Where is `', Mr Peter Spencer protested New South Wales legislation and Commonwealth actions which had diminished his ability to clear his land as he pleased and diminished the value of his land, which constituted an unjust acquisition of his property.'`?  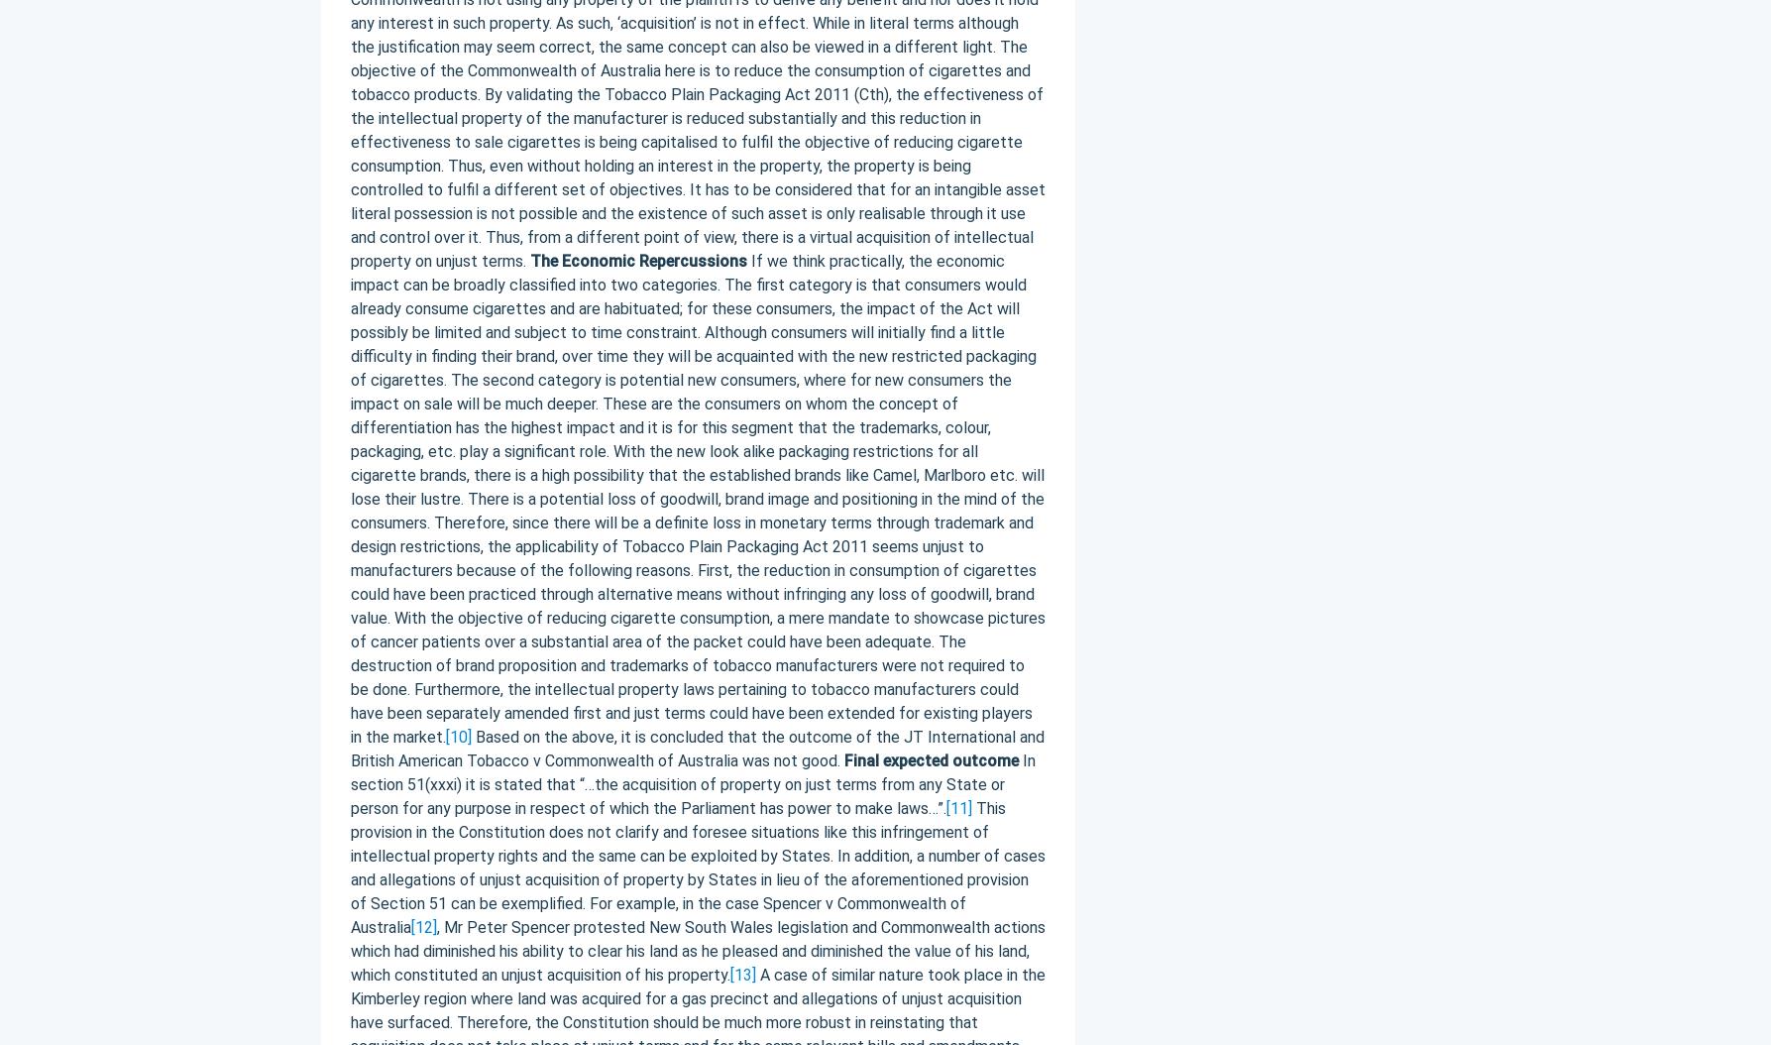
', Mr Peter Spencer protested New South Wales legislation and Commonwealth actions which had diminished his ability to clear his land as he pleased and diminished the value of his land, which constituted an unjust acquisition of his property.' is located at coordinates (696, 950).